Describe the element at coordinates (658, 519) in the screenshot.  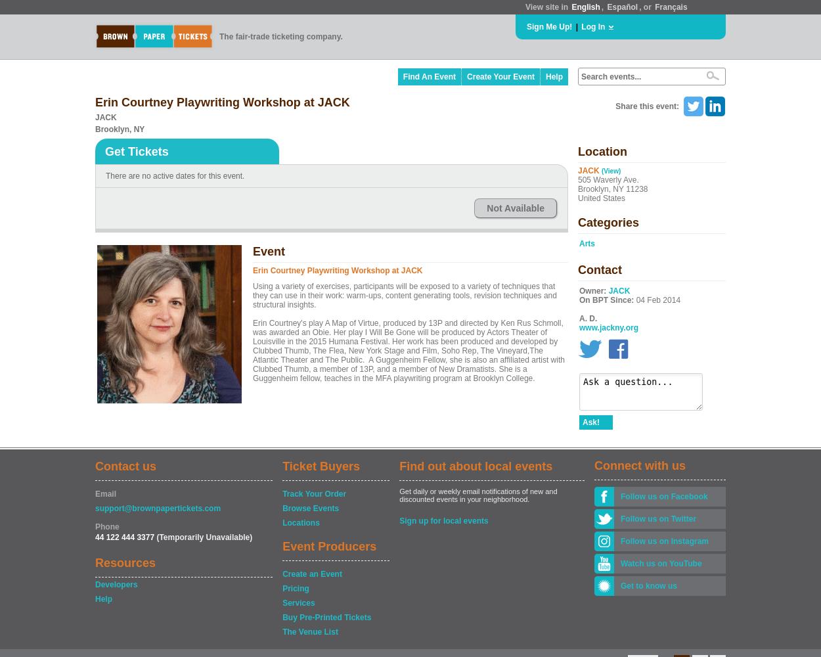
I see `'Follow us on Twitter'` at that location.